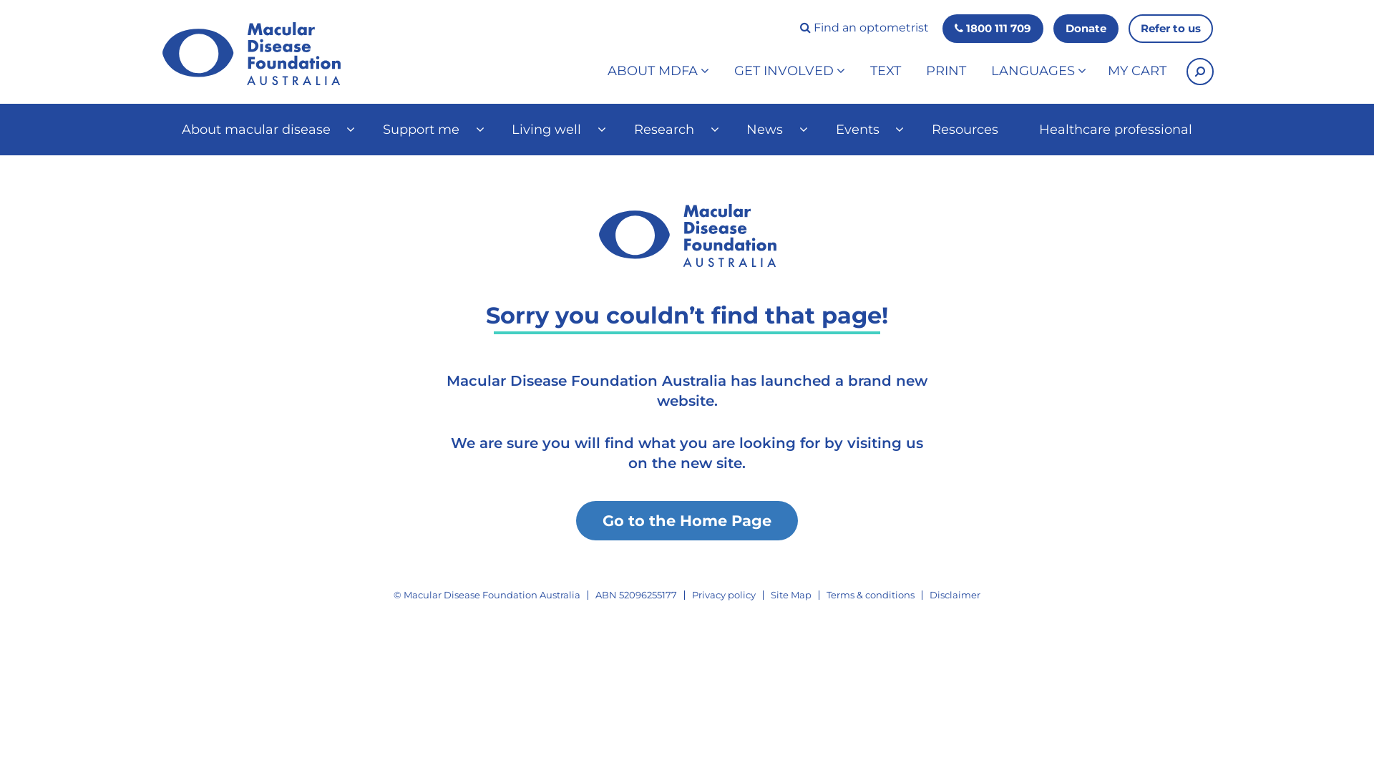  Describe the element at coordinates (910, 130) in the screenshot. I see `'Resources'` at that location.